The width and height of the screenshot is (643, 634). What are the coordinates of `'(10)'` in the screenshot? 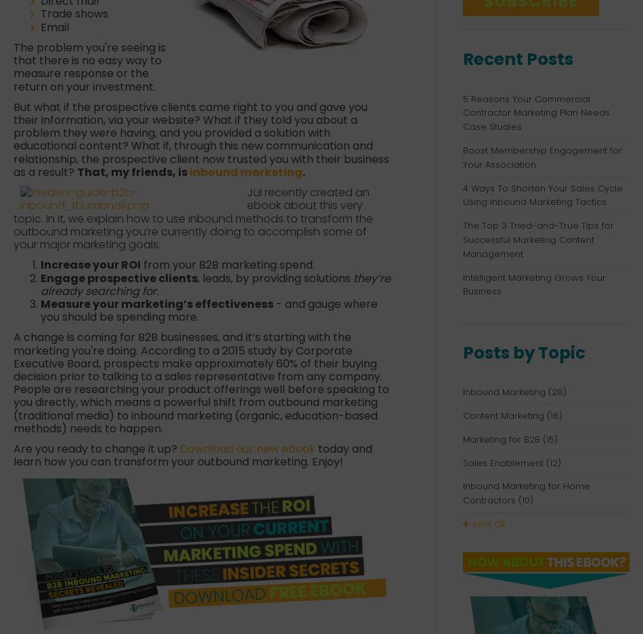 It's located at (525, 499).